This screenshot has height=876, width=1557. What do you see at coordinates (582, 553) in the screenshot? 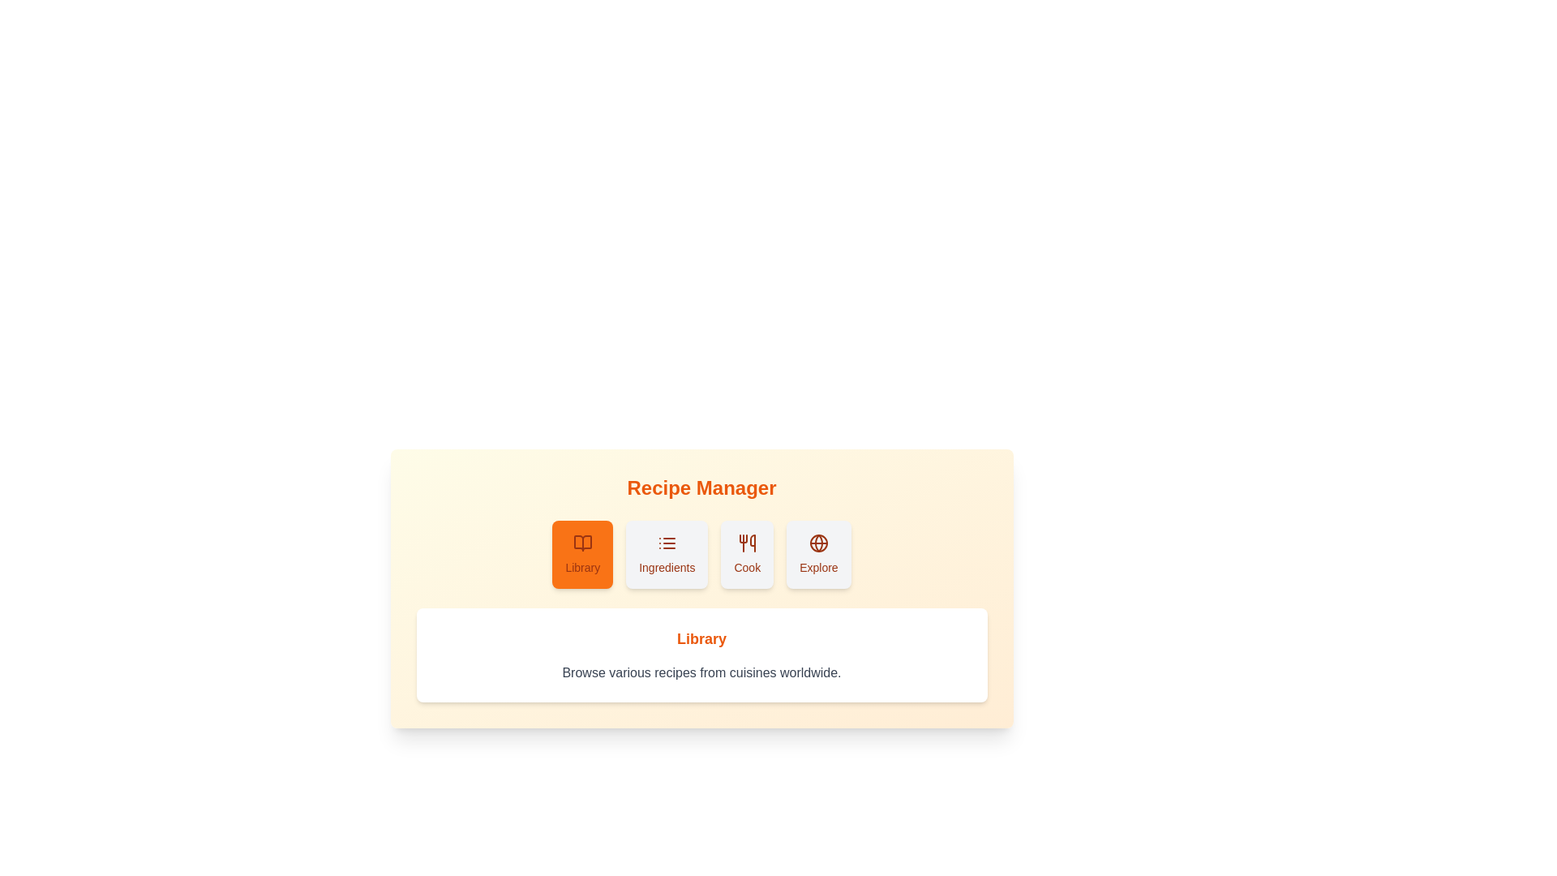
I see `the Library tab in the RecipeCollection component` at bounding box center [582, 553].